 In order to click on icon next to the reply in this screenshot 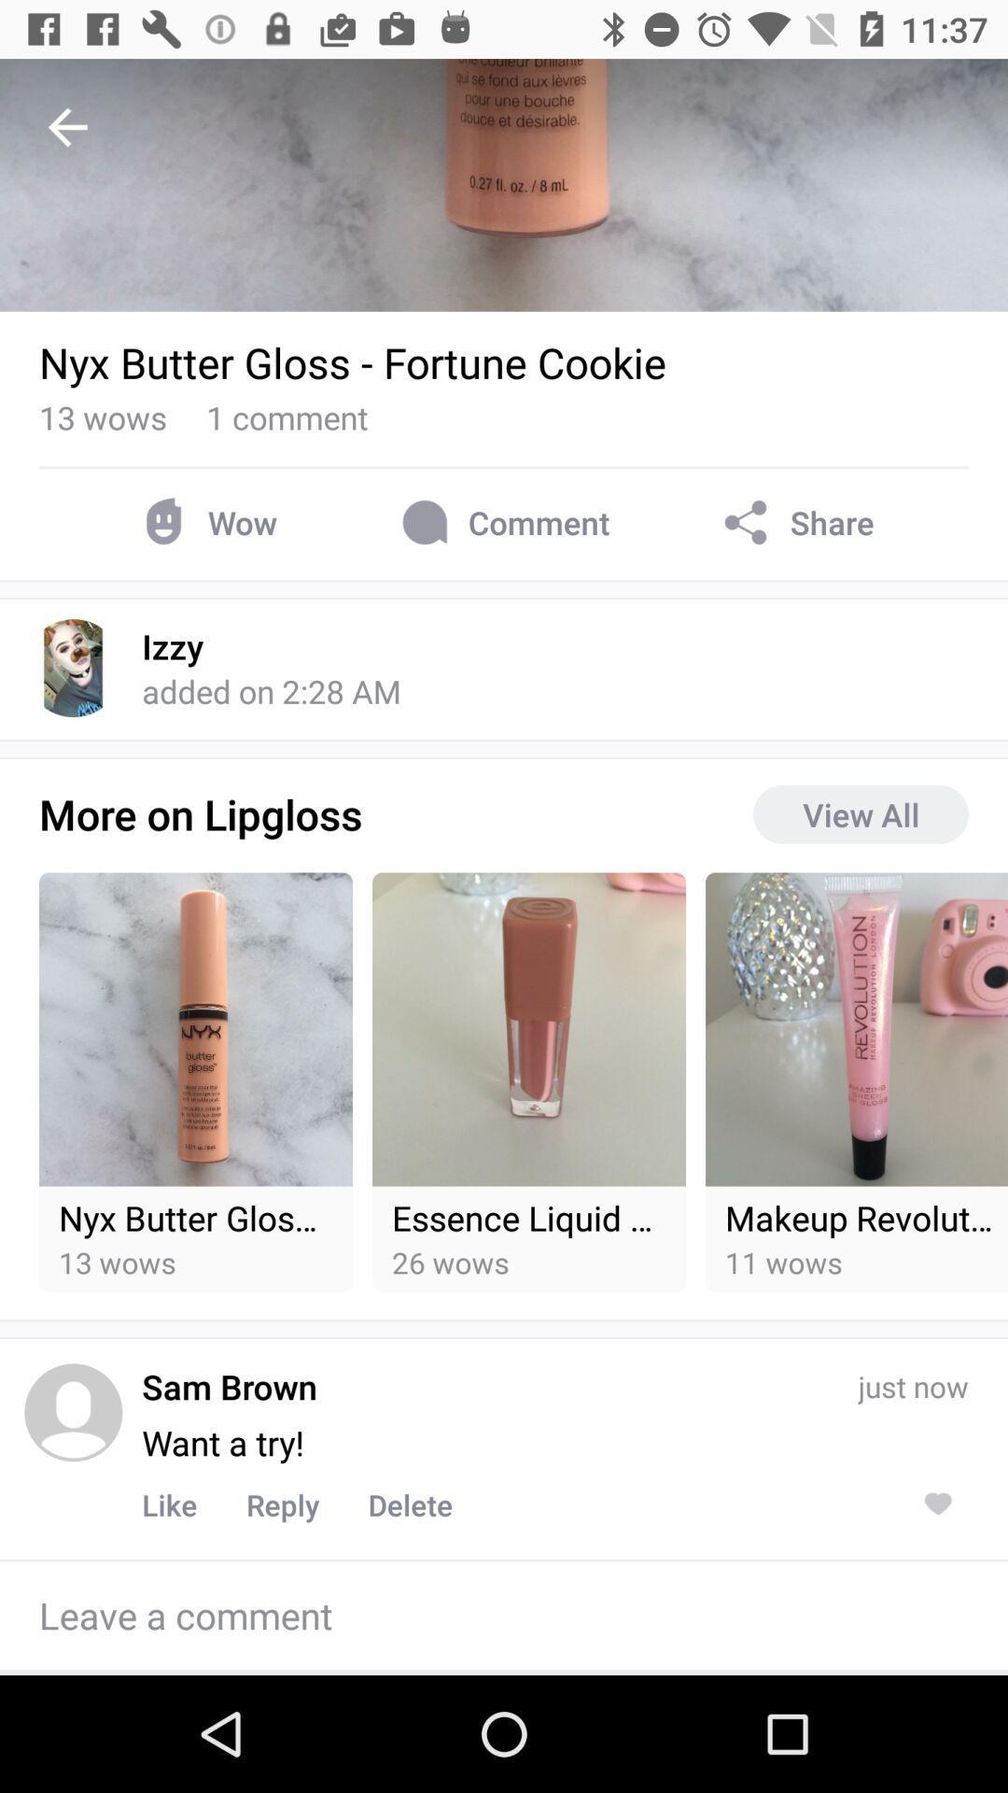, I will do `click(409, 1504)`.